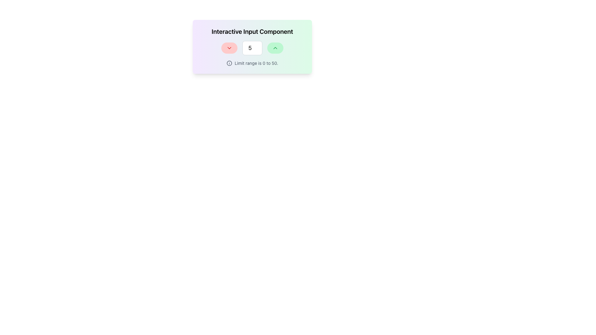 This screenshot has height=335, width=596. Describe the element at coordinates (229, 63) in the screenshot. I see `the information indicator SVG icon located at the center left of the text 'Limit range is 0 to 50.'` at that location.